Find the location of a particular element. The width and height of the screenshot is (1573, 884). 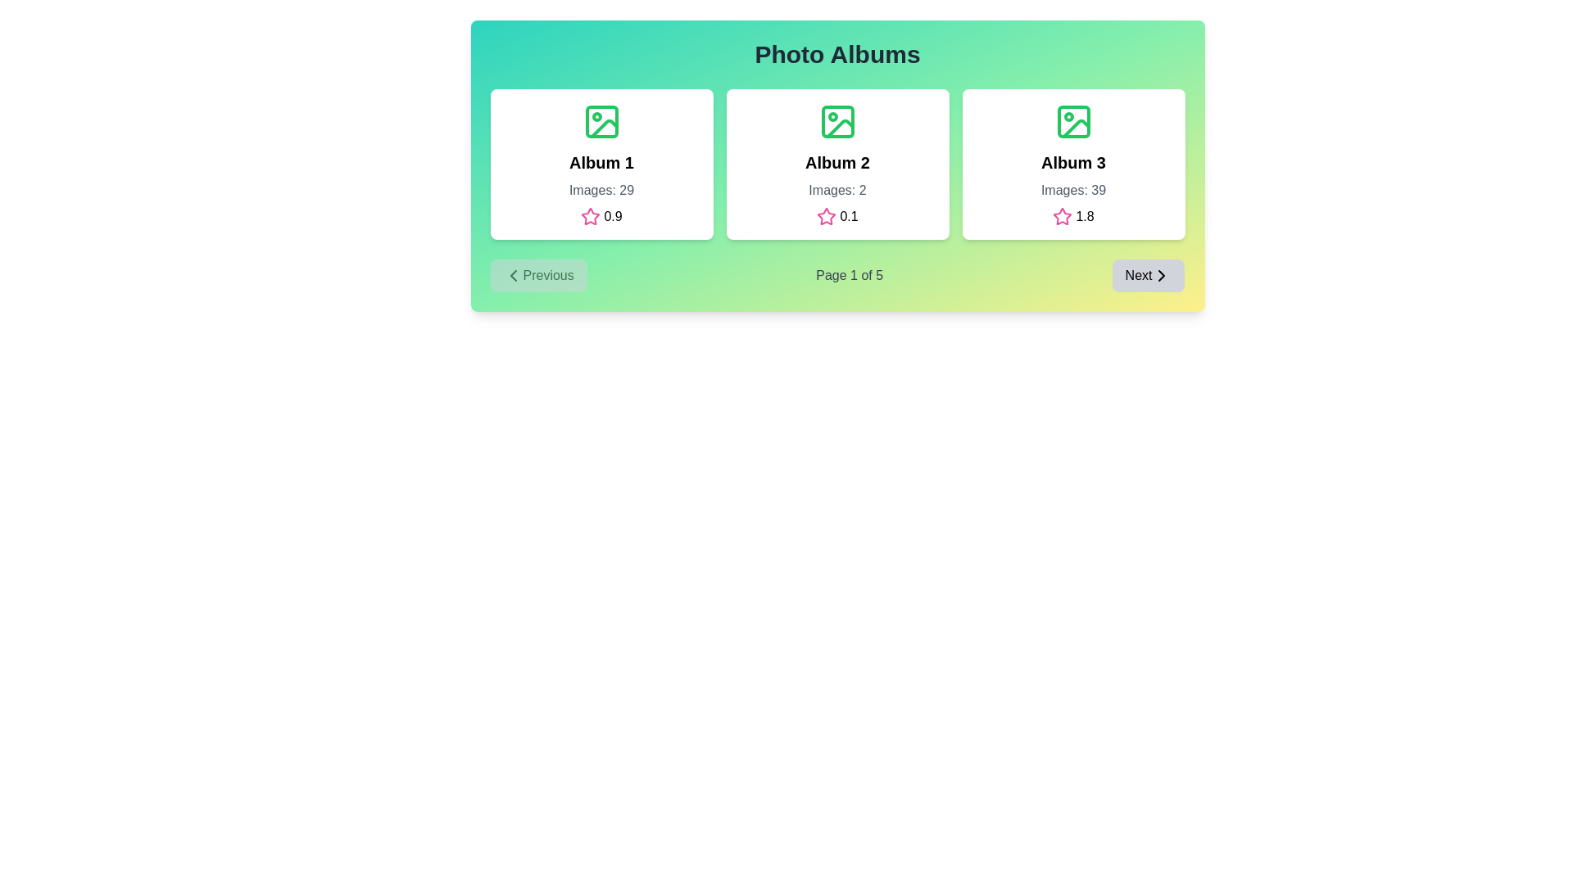

text label displaying 'Album 3', which is prominently styled and located within the third album card underneath an image icon is located at coordinates (1073, 163).